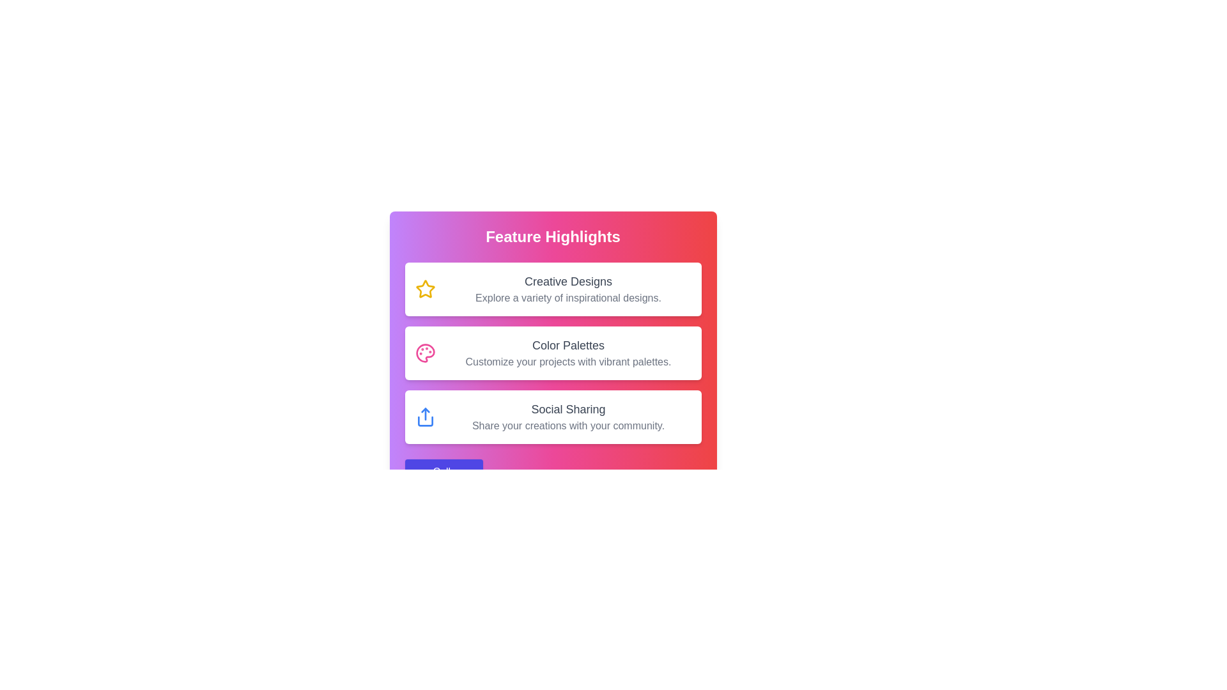  I want to click on the text line reading 'Customize your projects with vibrant palettes.' located beneath the header 'Color Palettes' in the middle section of the list of features, so click(567, 362).